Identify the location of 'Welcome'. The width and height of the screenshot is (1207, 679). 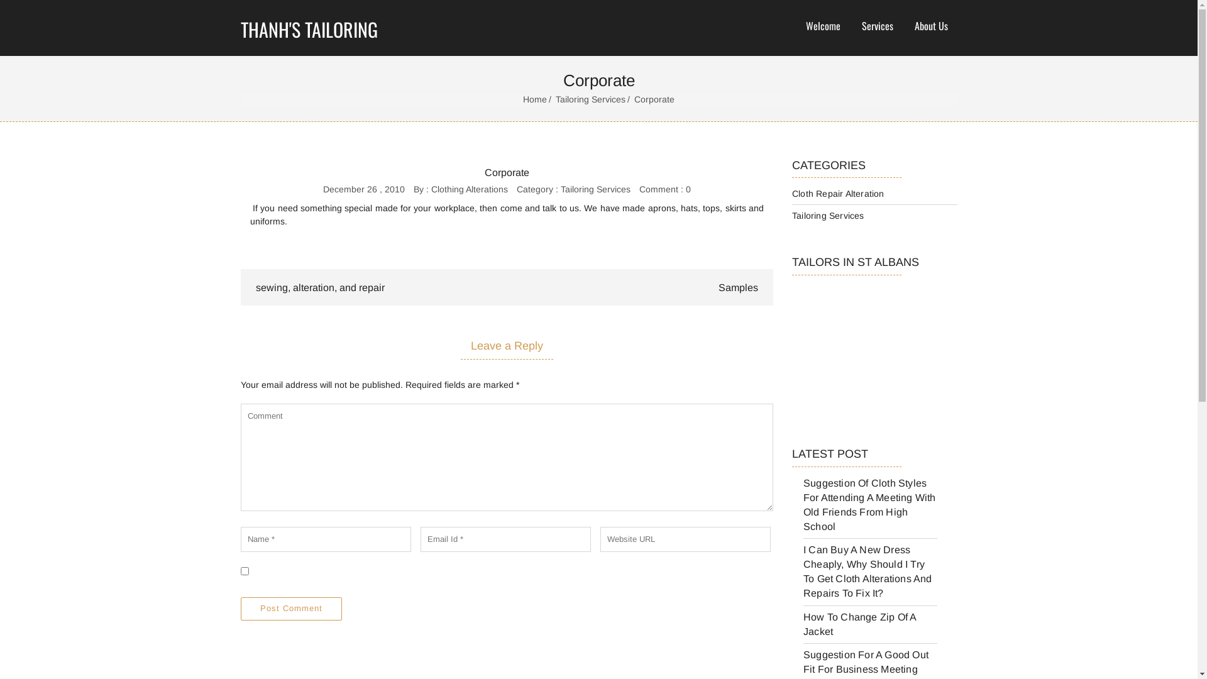
(823, 26).